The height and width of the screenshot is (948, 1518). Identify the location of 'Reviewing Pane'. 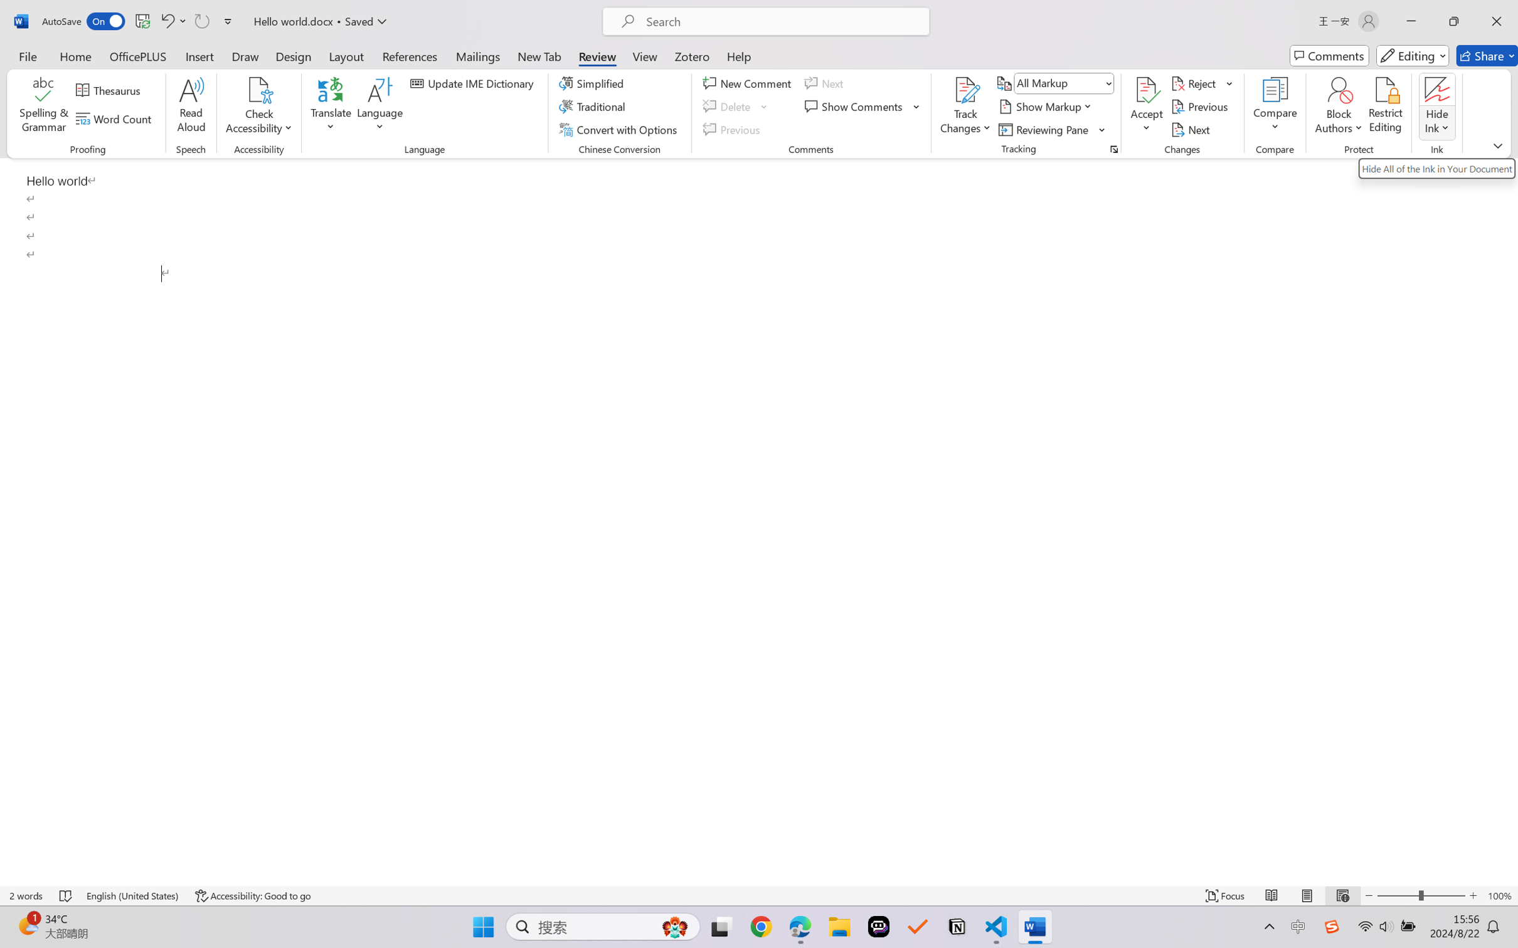
(1052, 130).